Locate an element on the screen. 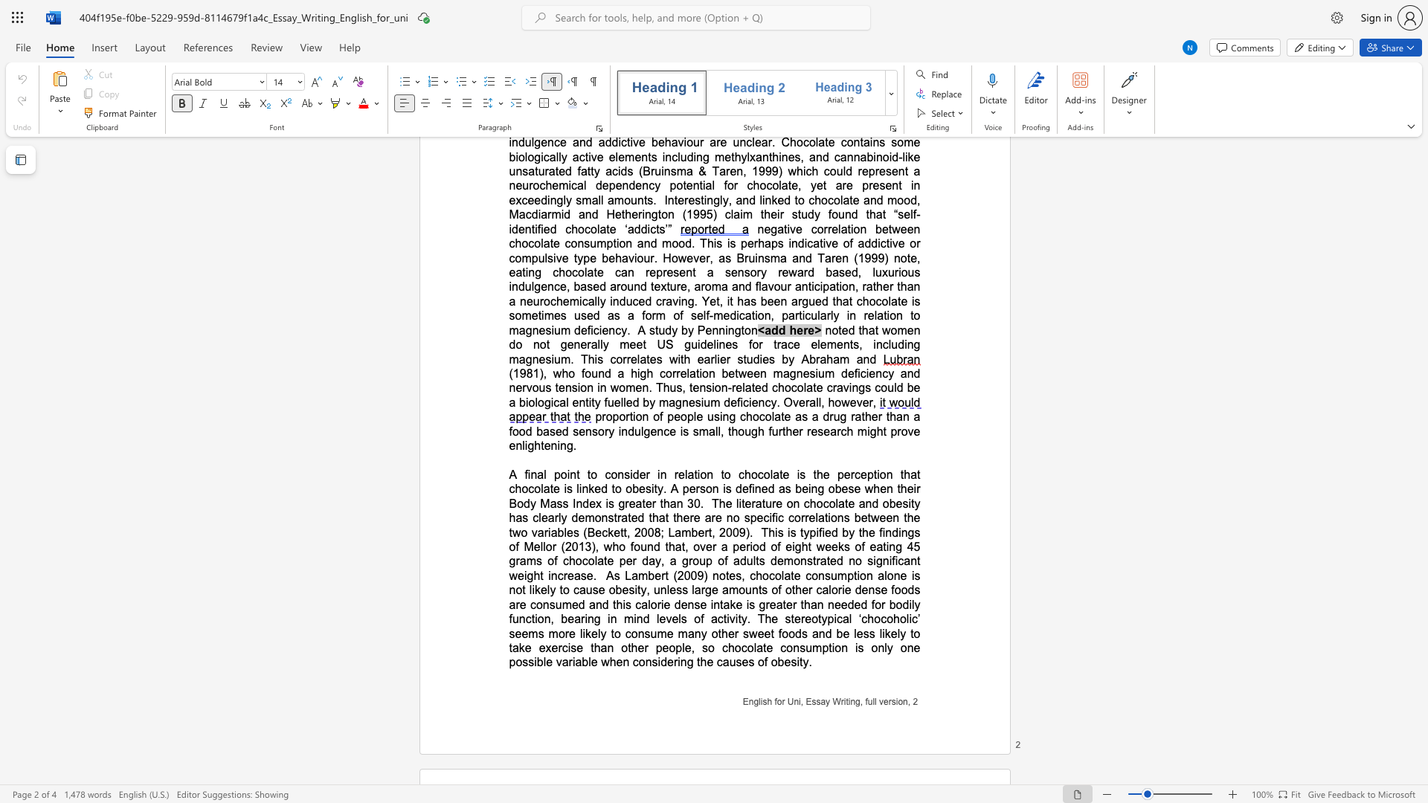 The width and height of the screenshot is (1428, 803). the subset text "tions between the two variables (B" within the text "that there are no specific correlations between the two variables (Beckett, 2008; Lambert, 2009)" is located at coordinates (823, 517).